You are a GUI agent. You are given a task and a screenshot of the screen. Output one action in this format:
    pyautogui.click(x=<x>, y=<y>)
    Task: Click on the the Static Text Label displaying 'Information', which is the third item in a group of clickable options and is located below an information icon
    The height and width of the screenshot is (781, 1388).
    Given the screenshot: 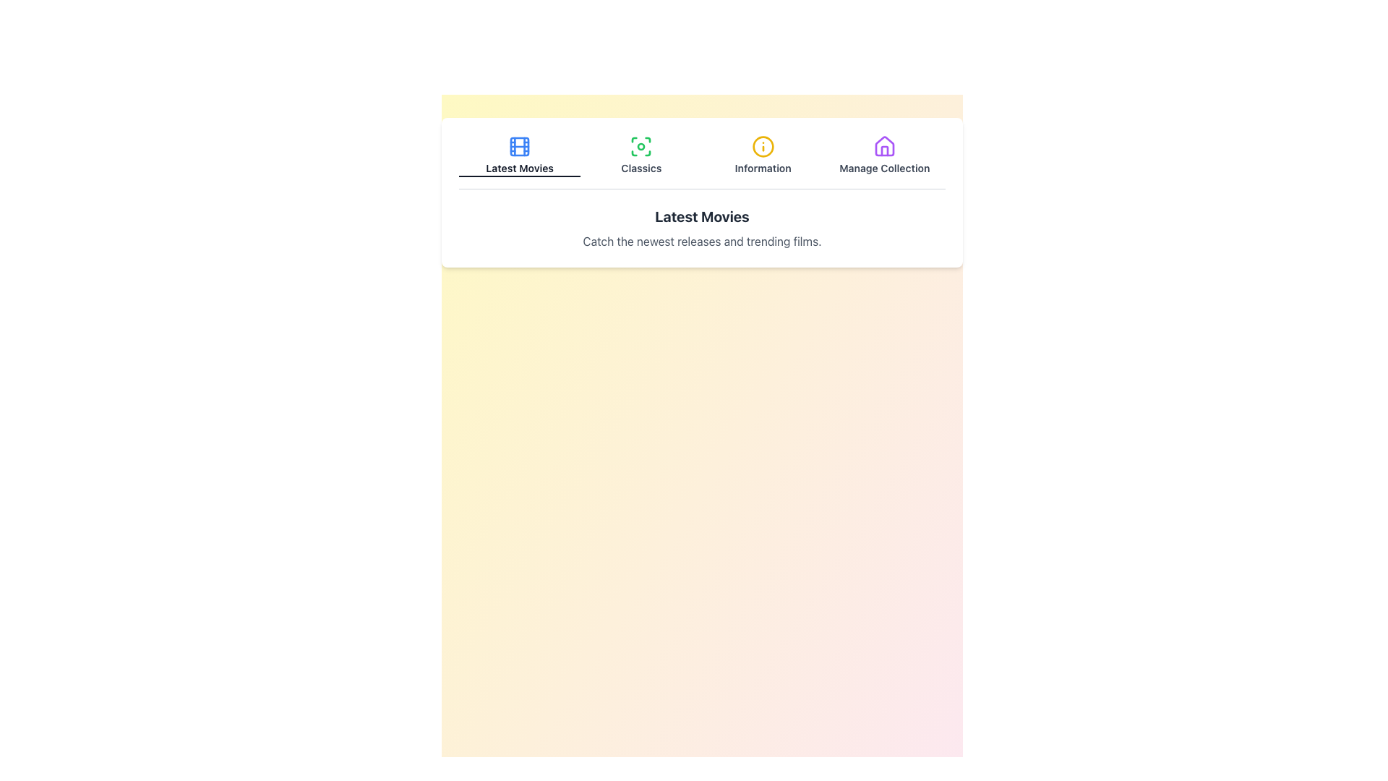 What is the action you would take?
    pyautogui.click(x=762, y=167)
    